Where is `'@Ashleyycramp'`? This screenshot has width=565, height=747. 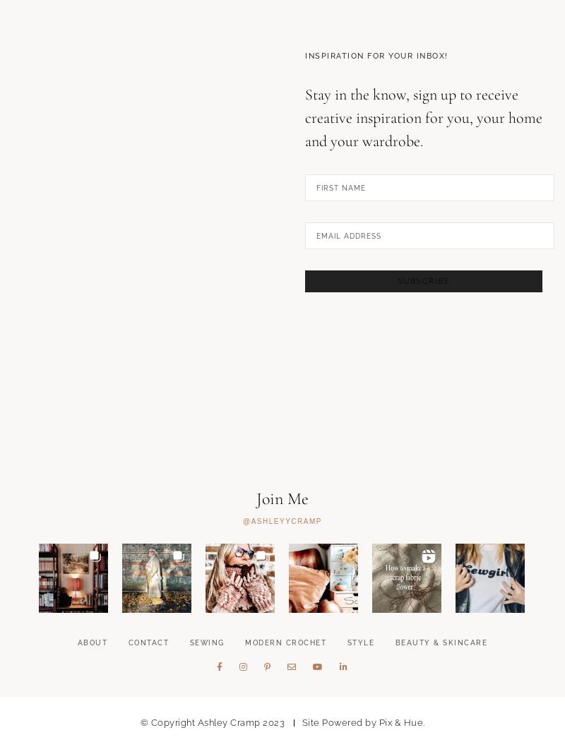
'@Ashleyycramp' is located at coordinates (281, 592).